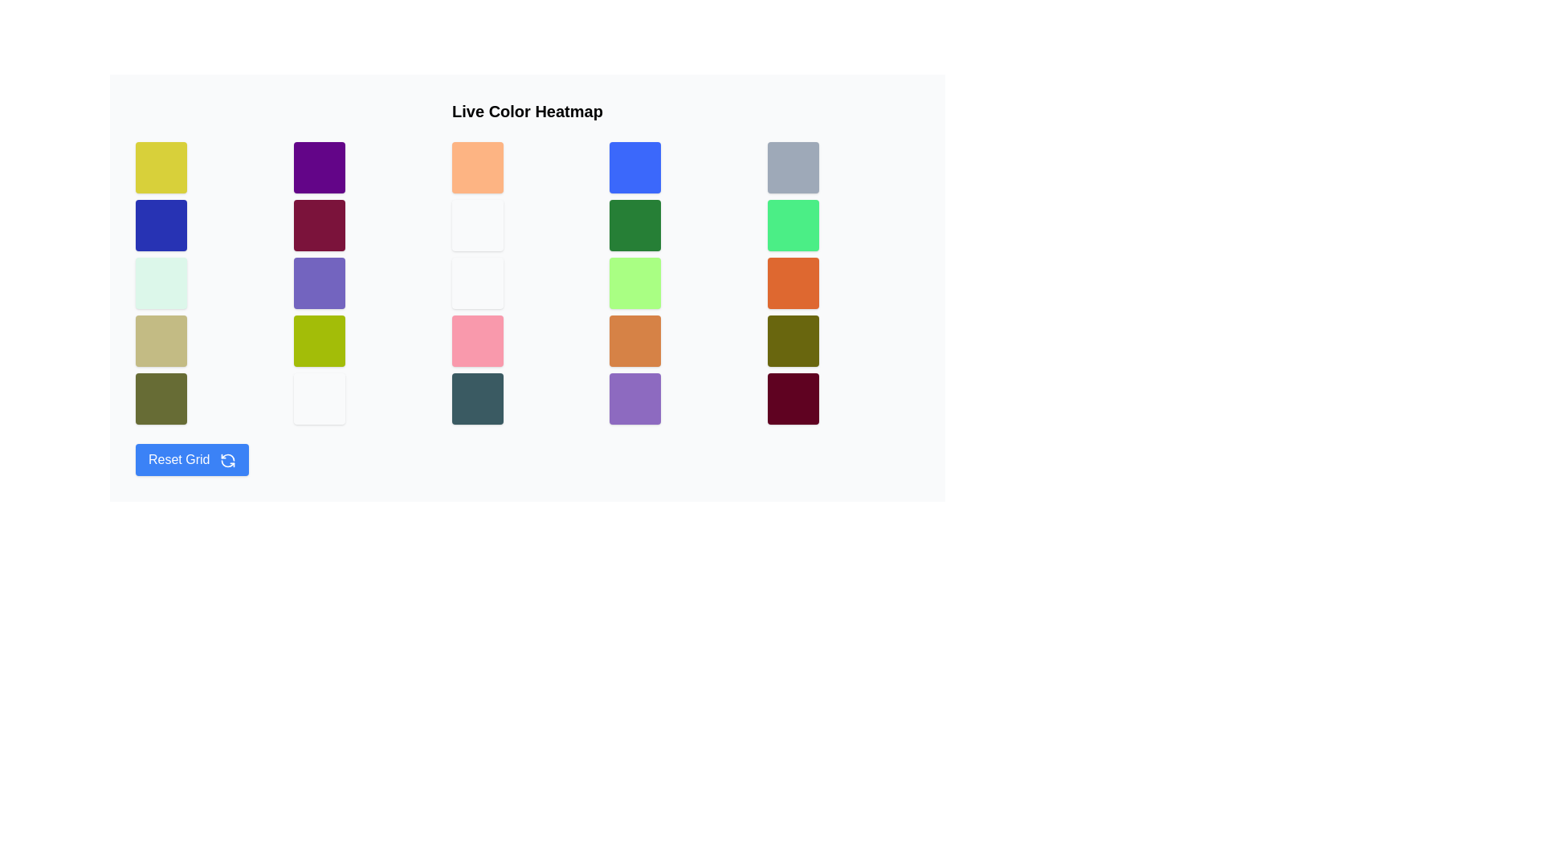  I want to click on the square tile with rounded corners and a blue background, located in the second row and first column of the grid layout, so click(161, 226).